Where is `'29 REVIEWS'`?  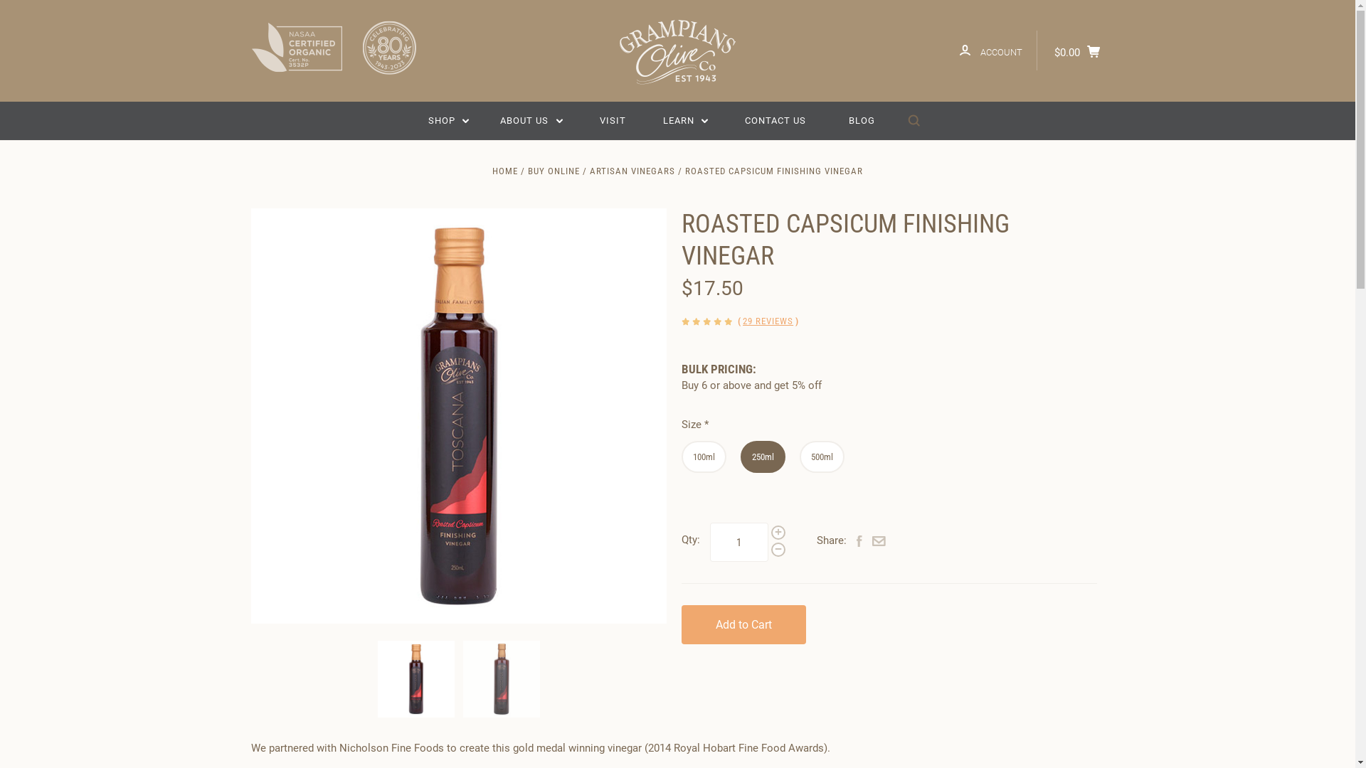
'29 REVIEWS' is located at coordinates (767, 321).